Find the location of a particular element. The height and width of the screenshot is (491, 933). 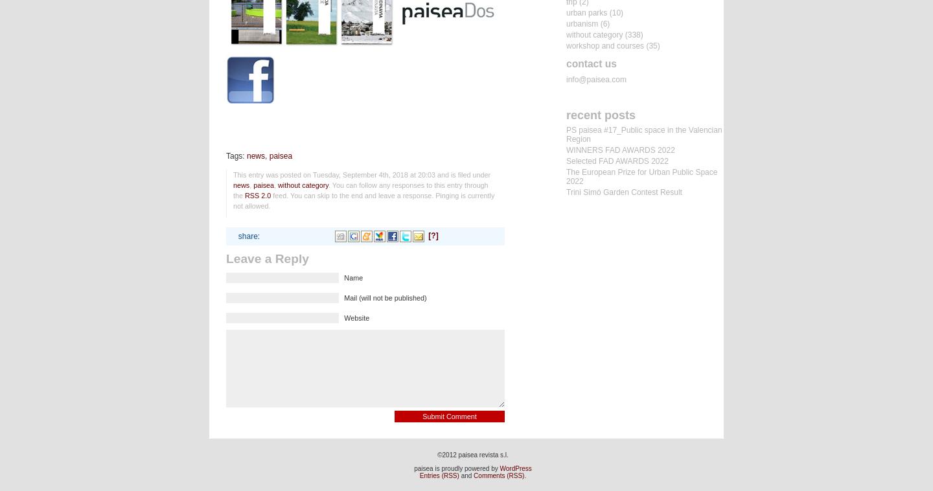

'Selected FAD AWARDS 2022' is located at coordinates (617, 161).